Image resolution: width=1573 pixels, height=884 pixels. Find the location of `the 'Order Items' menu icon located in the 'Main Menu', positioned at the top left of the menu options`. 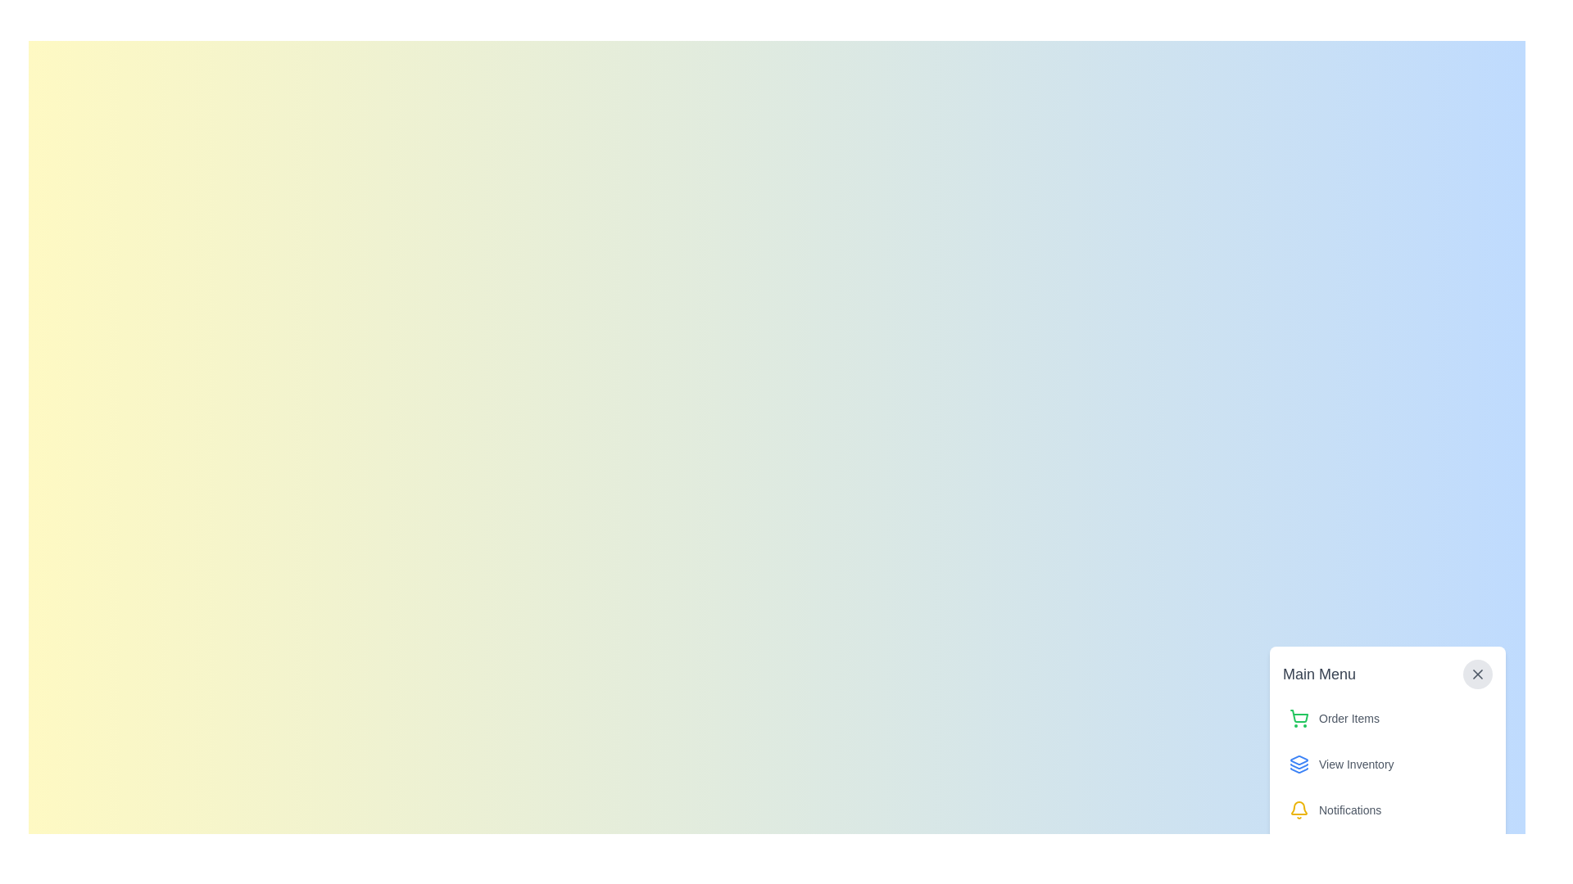

the 'Order Items' menu icon located in the 'Main Menu', positioned at the top left of the menu options is located at coordinates (1298, 718).